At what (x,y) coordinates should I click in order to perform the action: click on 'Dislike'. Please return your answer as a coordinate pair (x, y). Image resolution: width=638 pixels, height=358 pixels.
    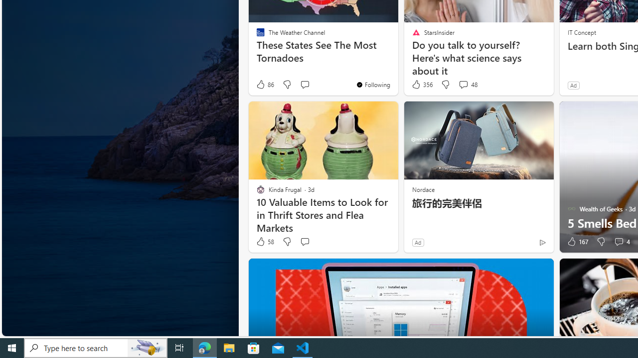
    Looking at the image, I should click on (600, 242).